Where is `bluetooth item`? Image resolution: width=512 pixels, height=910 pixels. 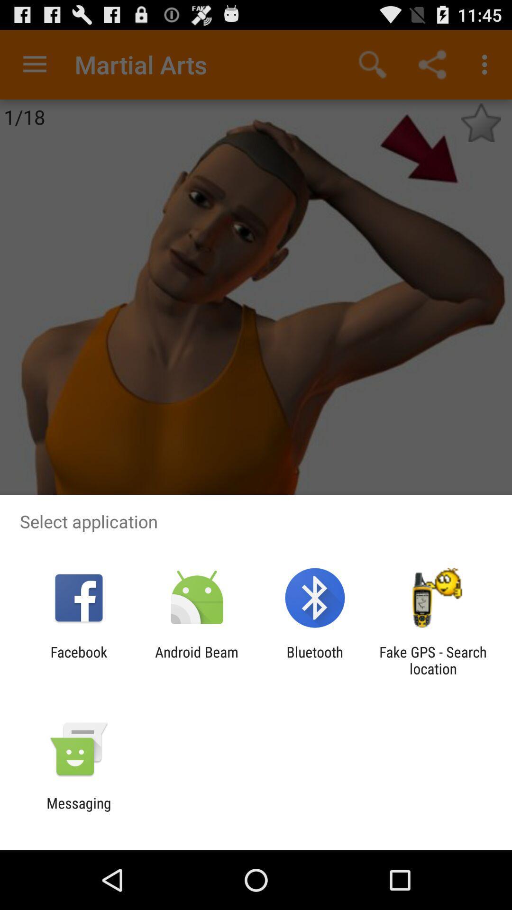
bluetooth item is located at coordinates (315, 660).